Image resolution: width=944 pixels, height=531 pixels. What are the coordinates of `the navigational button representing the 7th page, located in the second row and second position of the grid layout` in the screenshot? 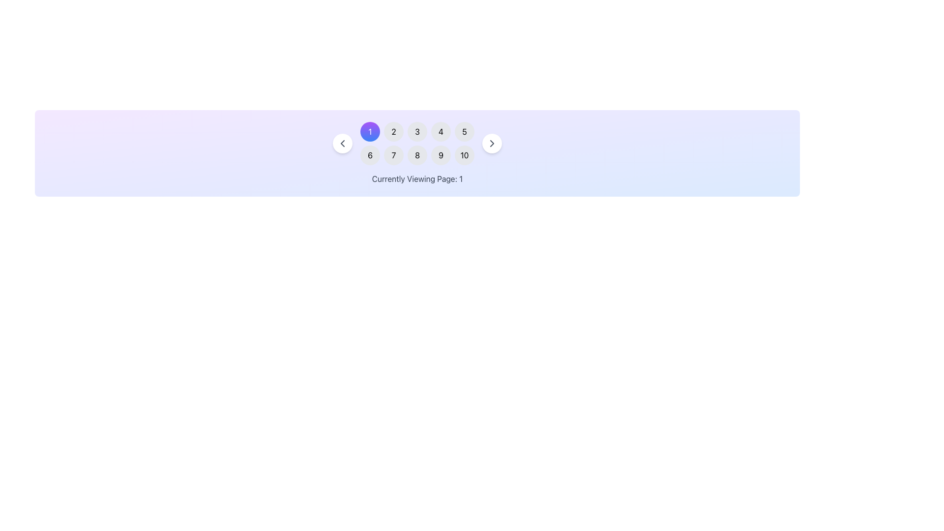 It's located at (394, 155).